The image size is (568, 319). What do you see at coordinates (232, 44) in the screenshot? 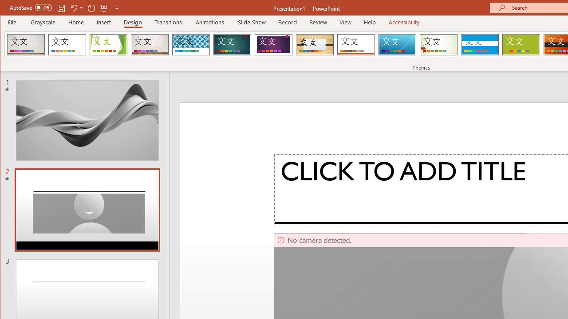
I see `'Ion'` at bounding box center [232, 44].